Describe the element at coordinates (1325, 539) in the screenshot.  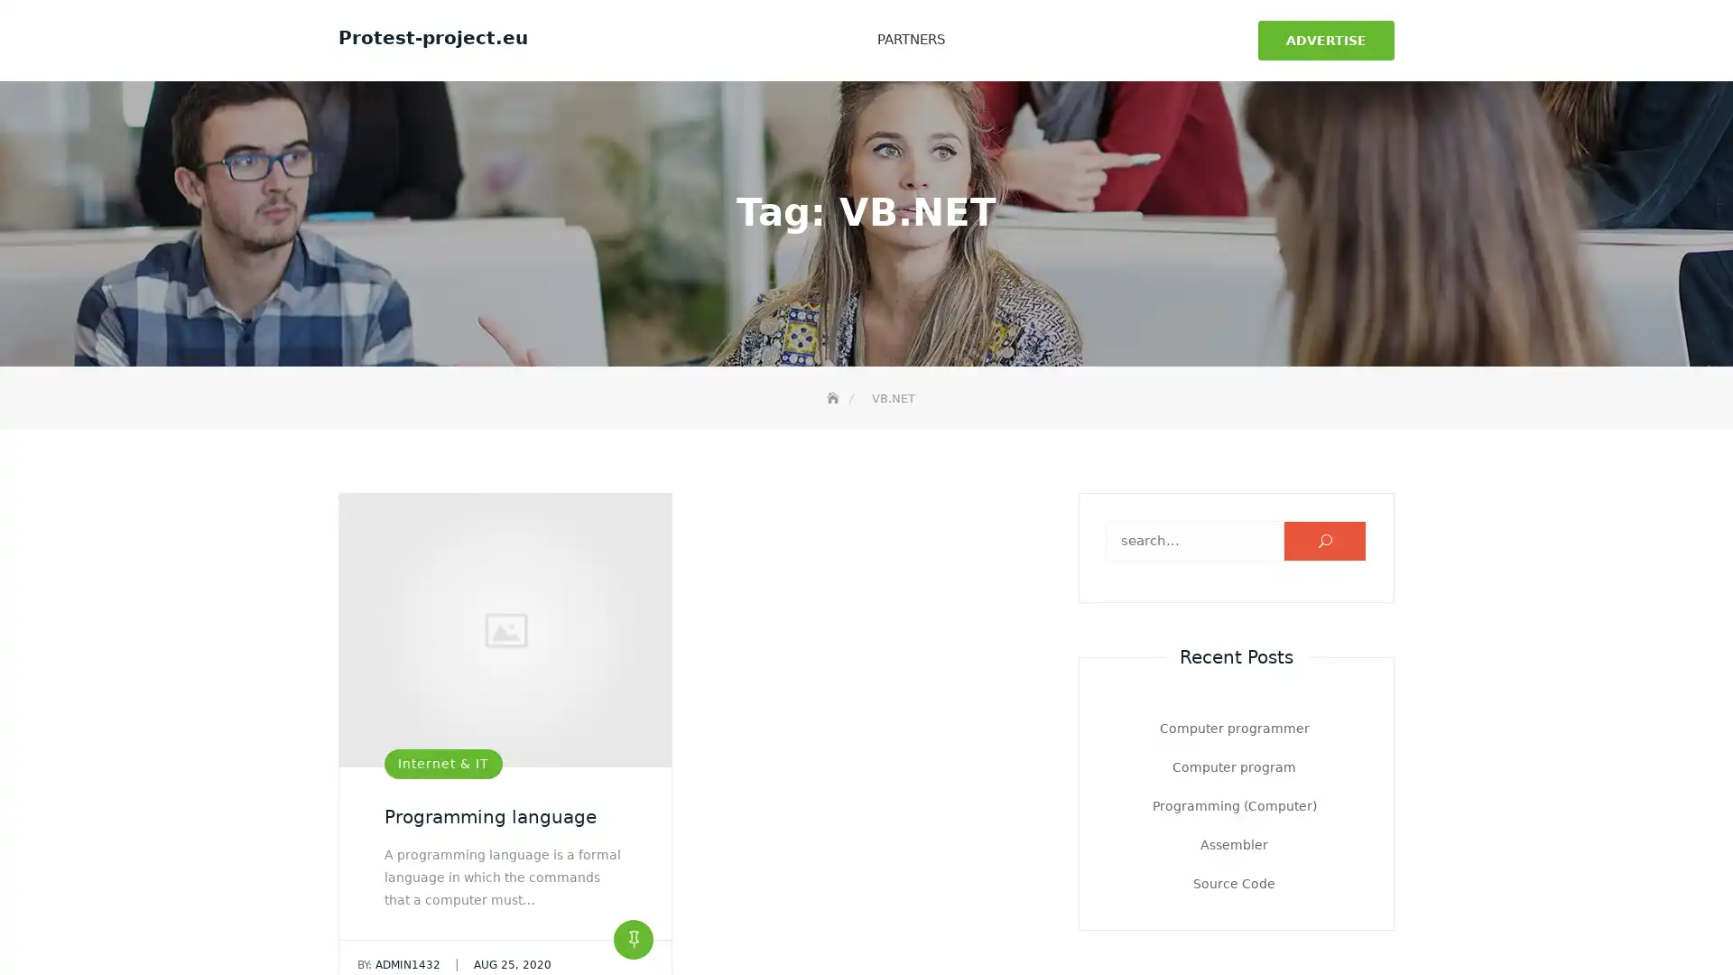
I see `U` at that location.